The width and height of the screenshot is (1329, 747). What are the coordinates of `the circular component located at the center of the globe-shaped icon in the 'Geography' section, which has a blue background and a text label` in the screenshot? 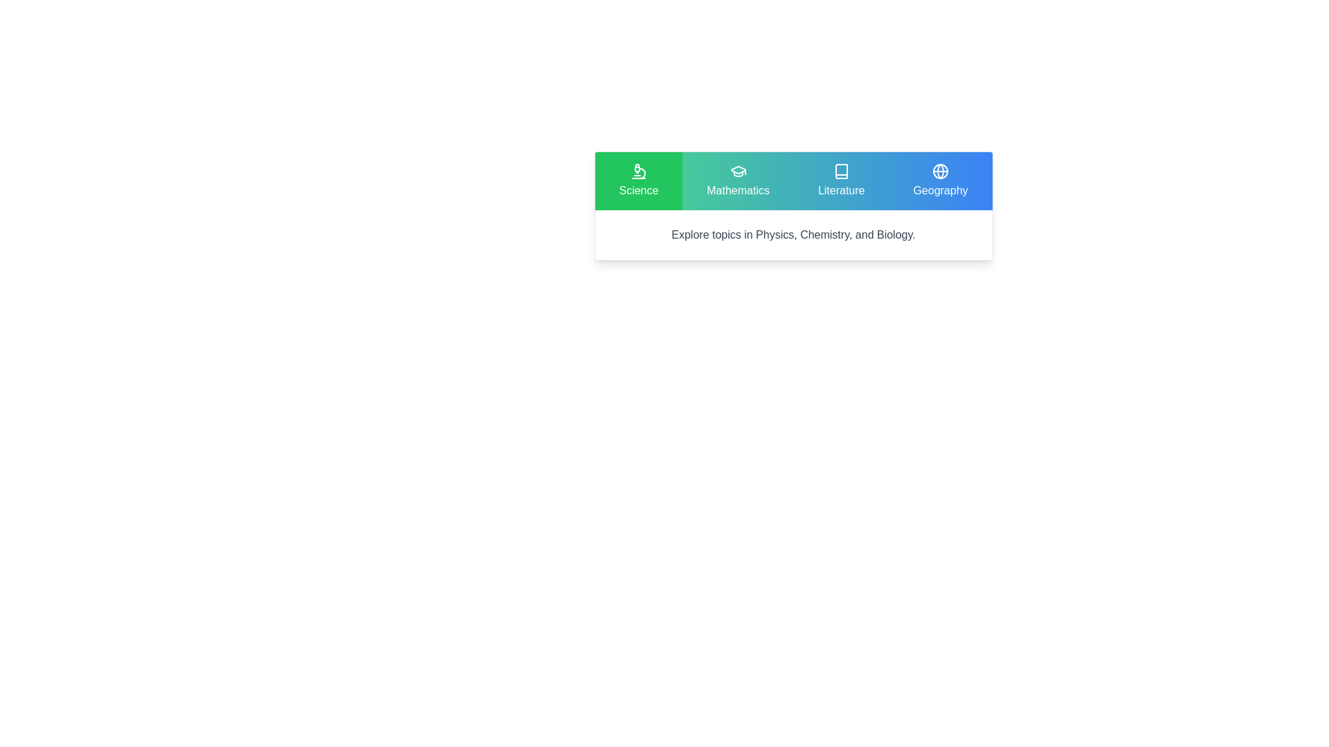 It's located at (940, 170).